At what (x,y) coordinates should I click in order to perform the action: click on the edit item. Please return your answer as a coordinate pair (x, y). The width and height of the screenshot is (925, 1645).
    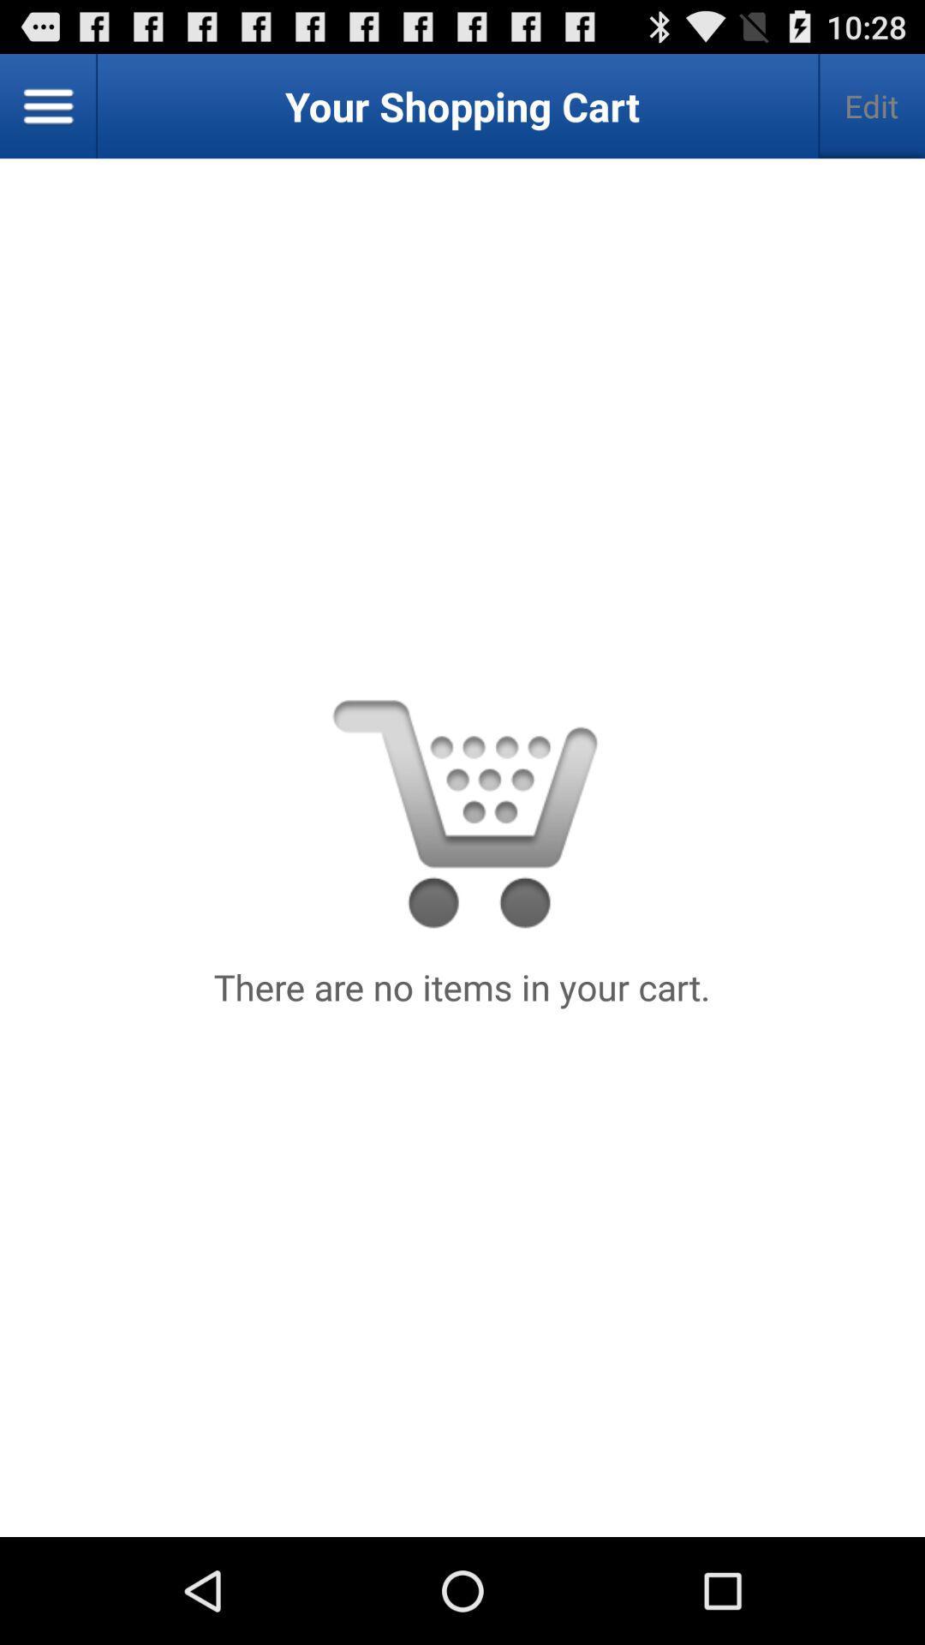
    Looking at the image, I should click on (871, 105).